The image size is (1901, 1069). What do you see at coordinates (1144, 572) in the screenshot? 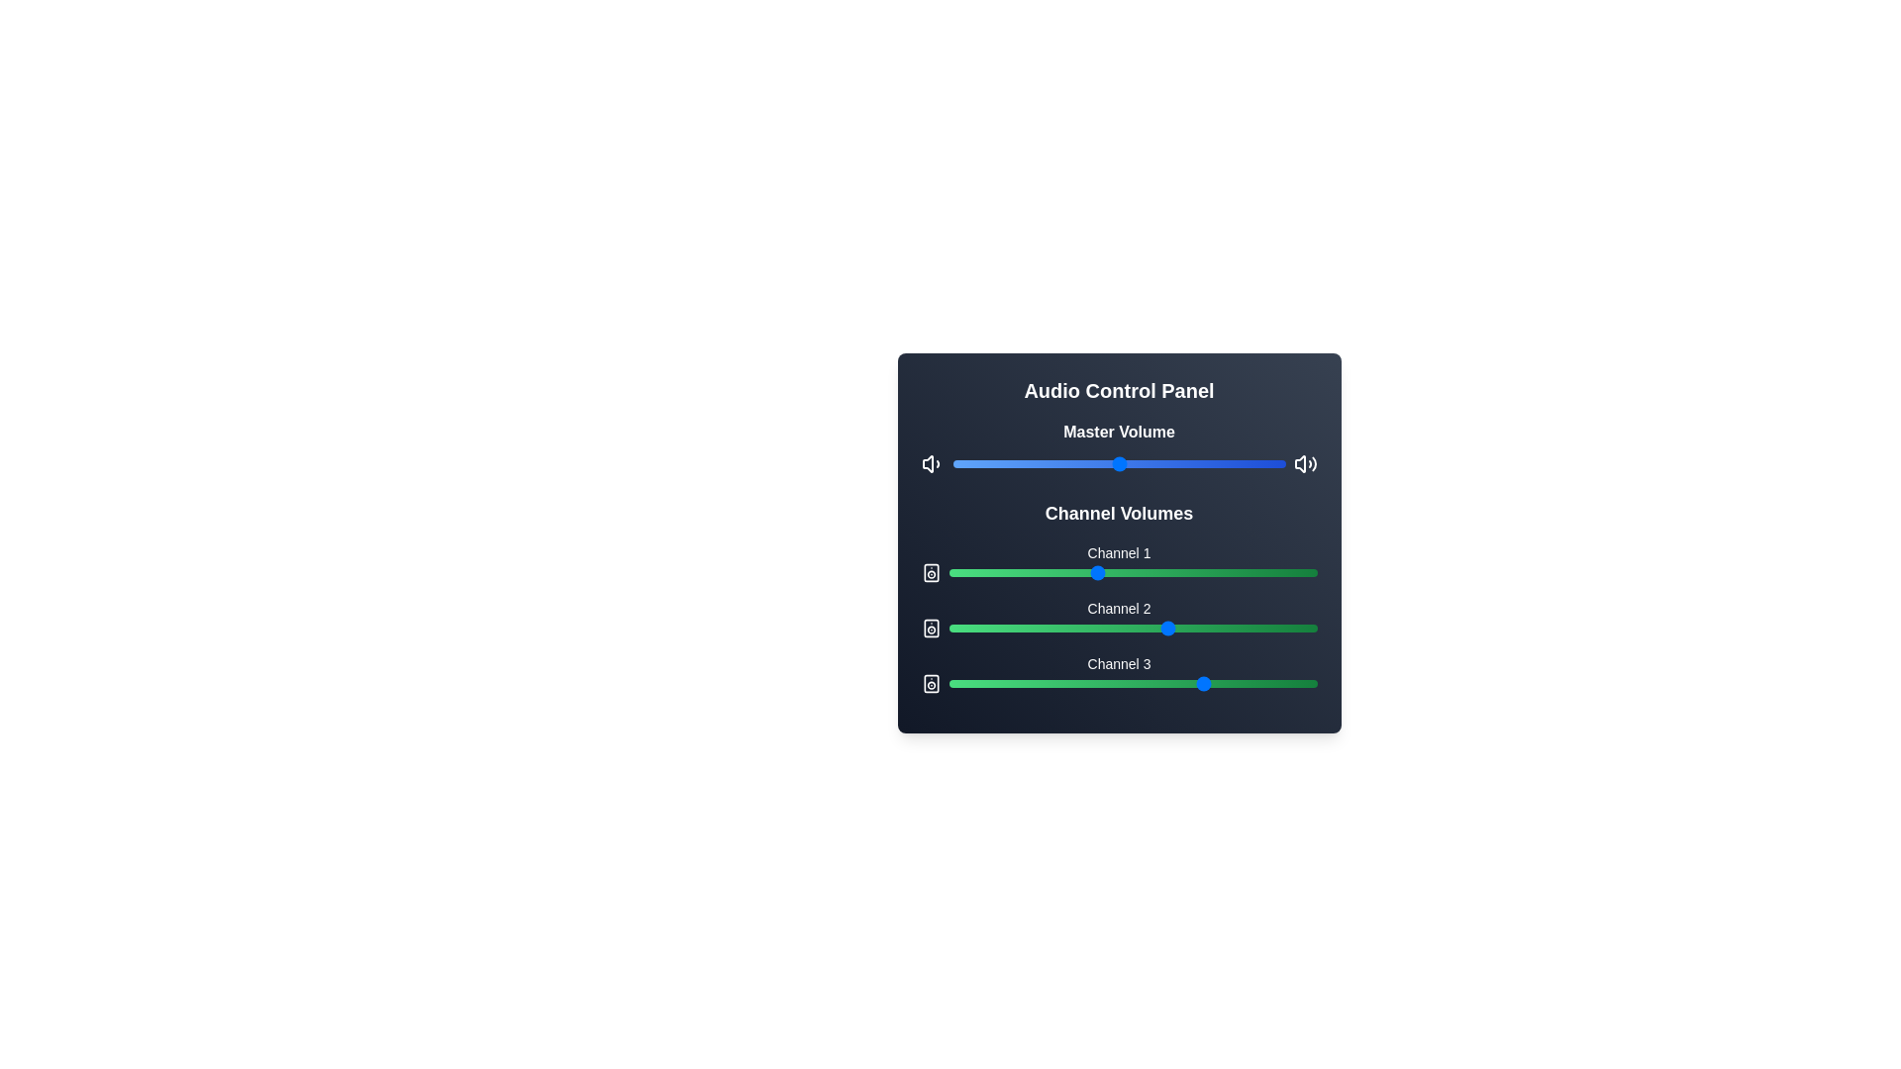
I see `the slider value` at bounding box center [1144, 572].